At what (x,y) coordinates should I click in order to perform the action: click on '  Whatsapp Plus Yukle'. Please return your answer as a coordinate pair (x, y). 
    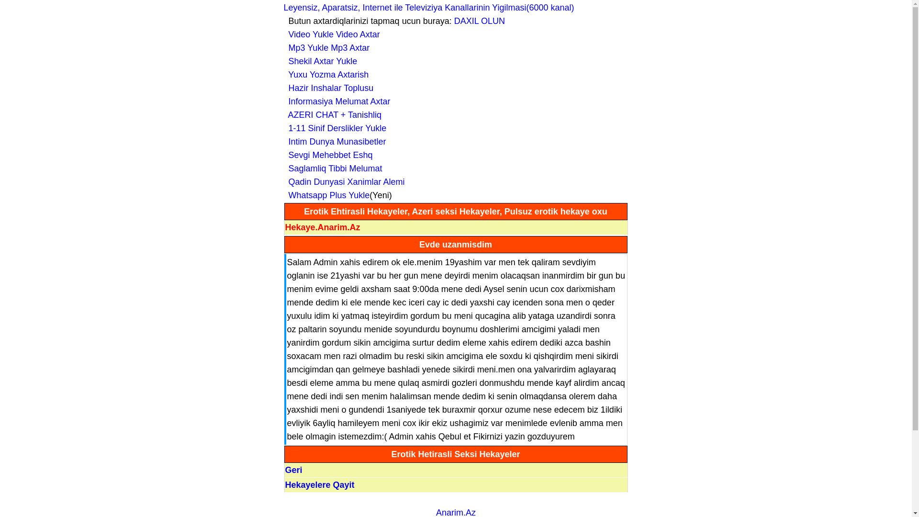
    Looking at the image, I should click on (326, 195).